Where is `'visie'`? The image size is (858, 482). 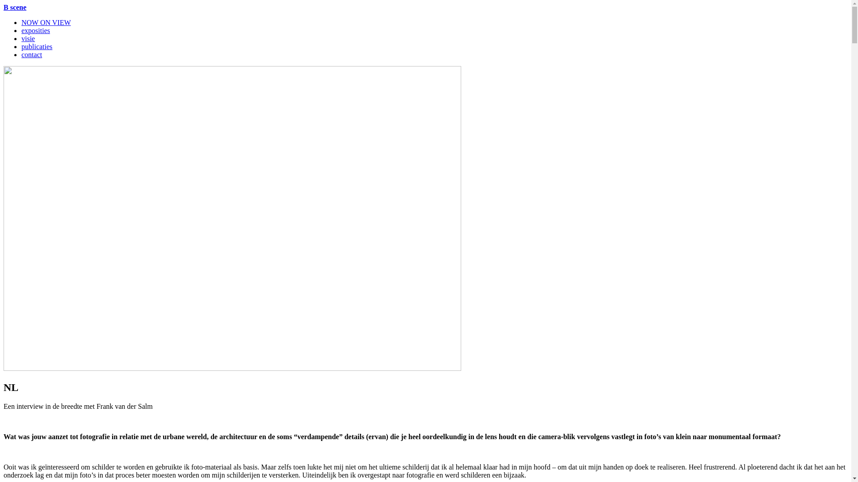 'visie' is located at coordinates (28, 38).